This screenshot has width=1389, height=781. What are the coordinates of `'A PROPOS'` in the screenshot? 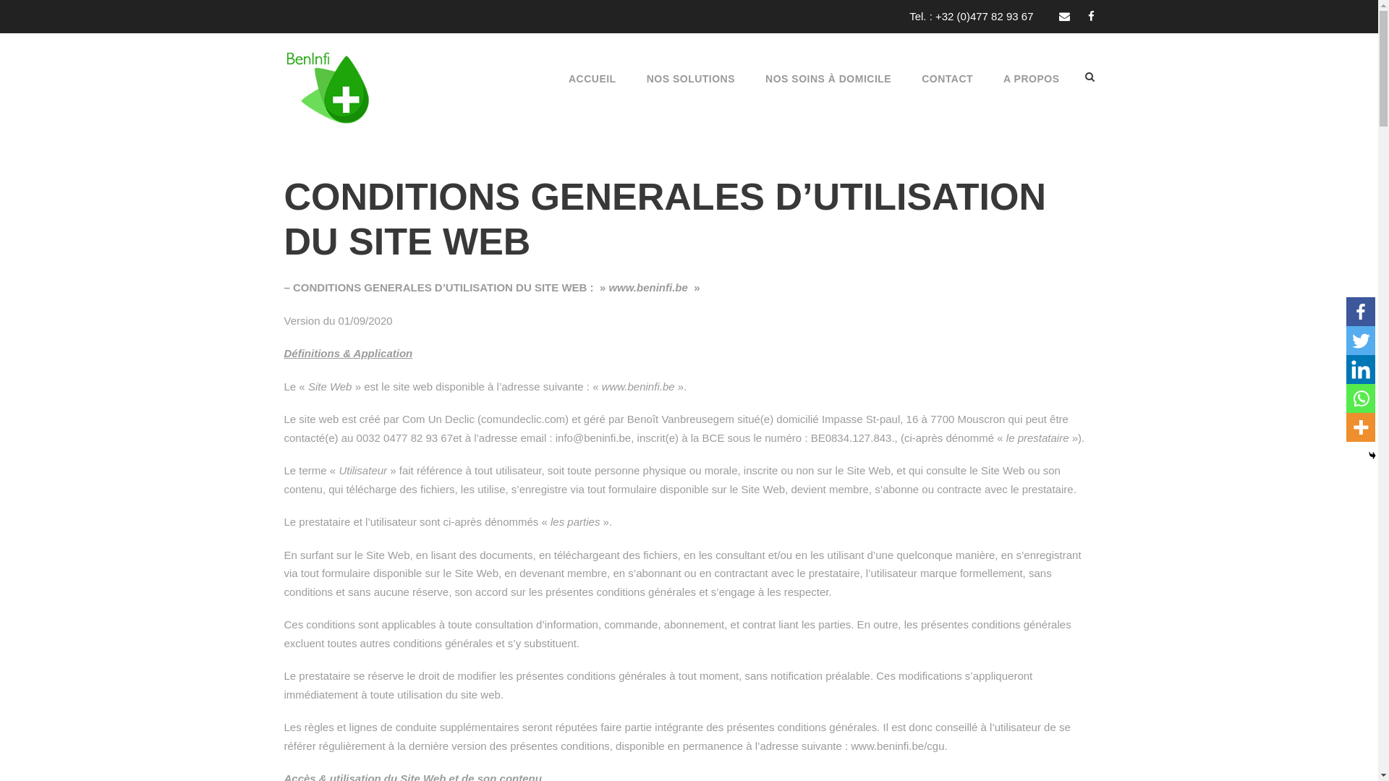 It's located at (1030, 95).